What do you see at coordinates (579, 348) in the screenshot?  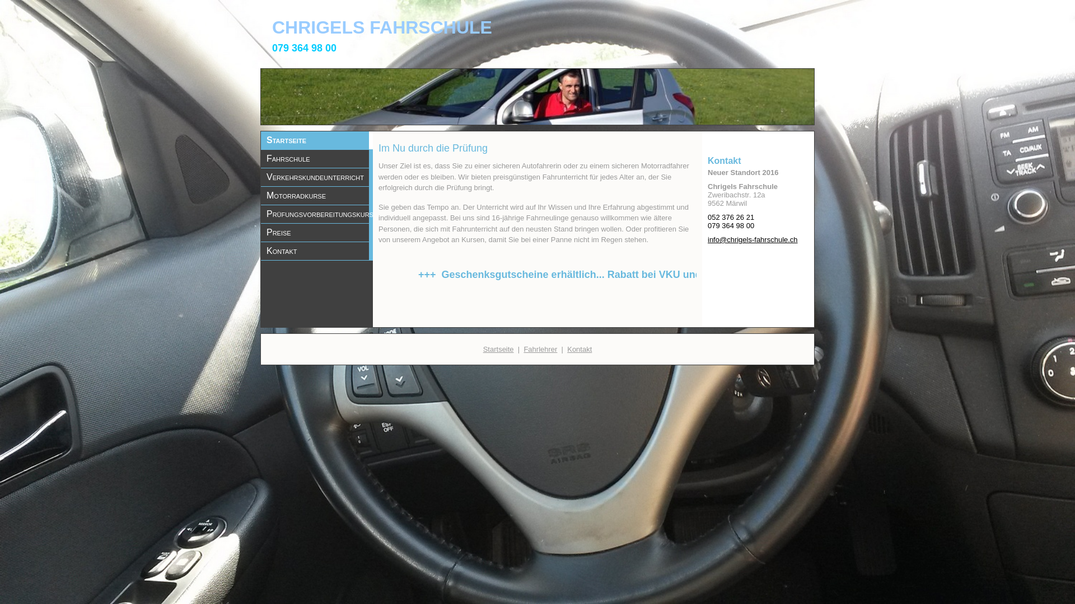 I see `'Kontakt'` at bounding box center [579, 348].